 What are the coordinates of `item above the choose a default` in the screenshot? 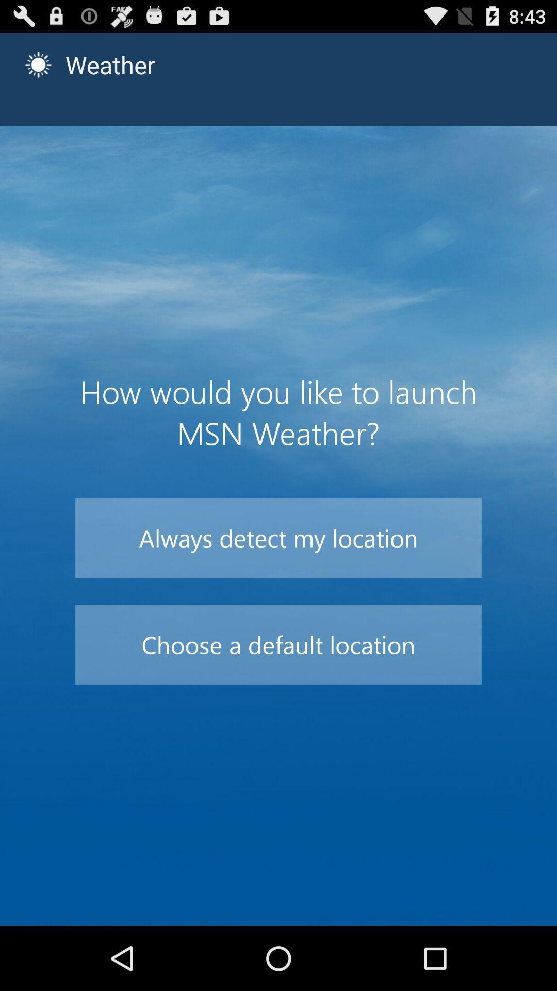 It's located at (278, 537).